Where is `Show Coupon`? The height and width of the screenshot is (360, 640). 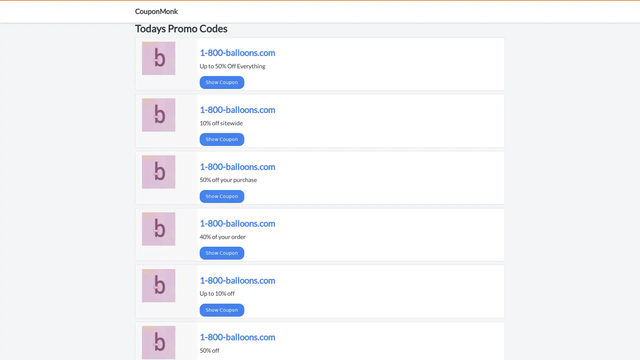
Show Coupon is located at coordinates (222, 253).